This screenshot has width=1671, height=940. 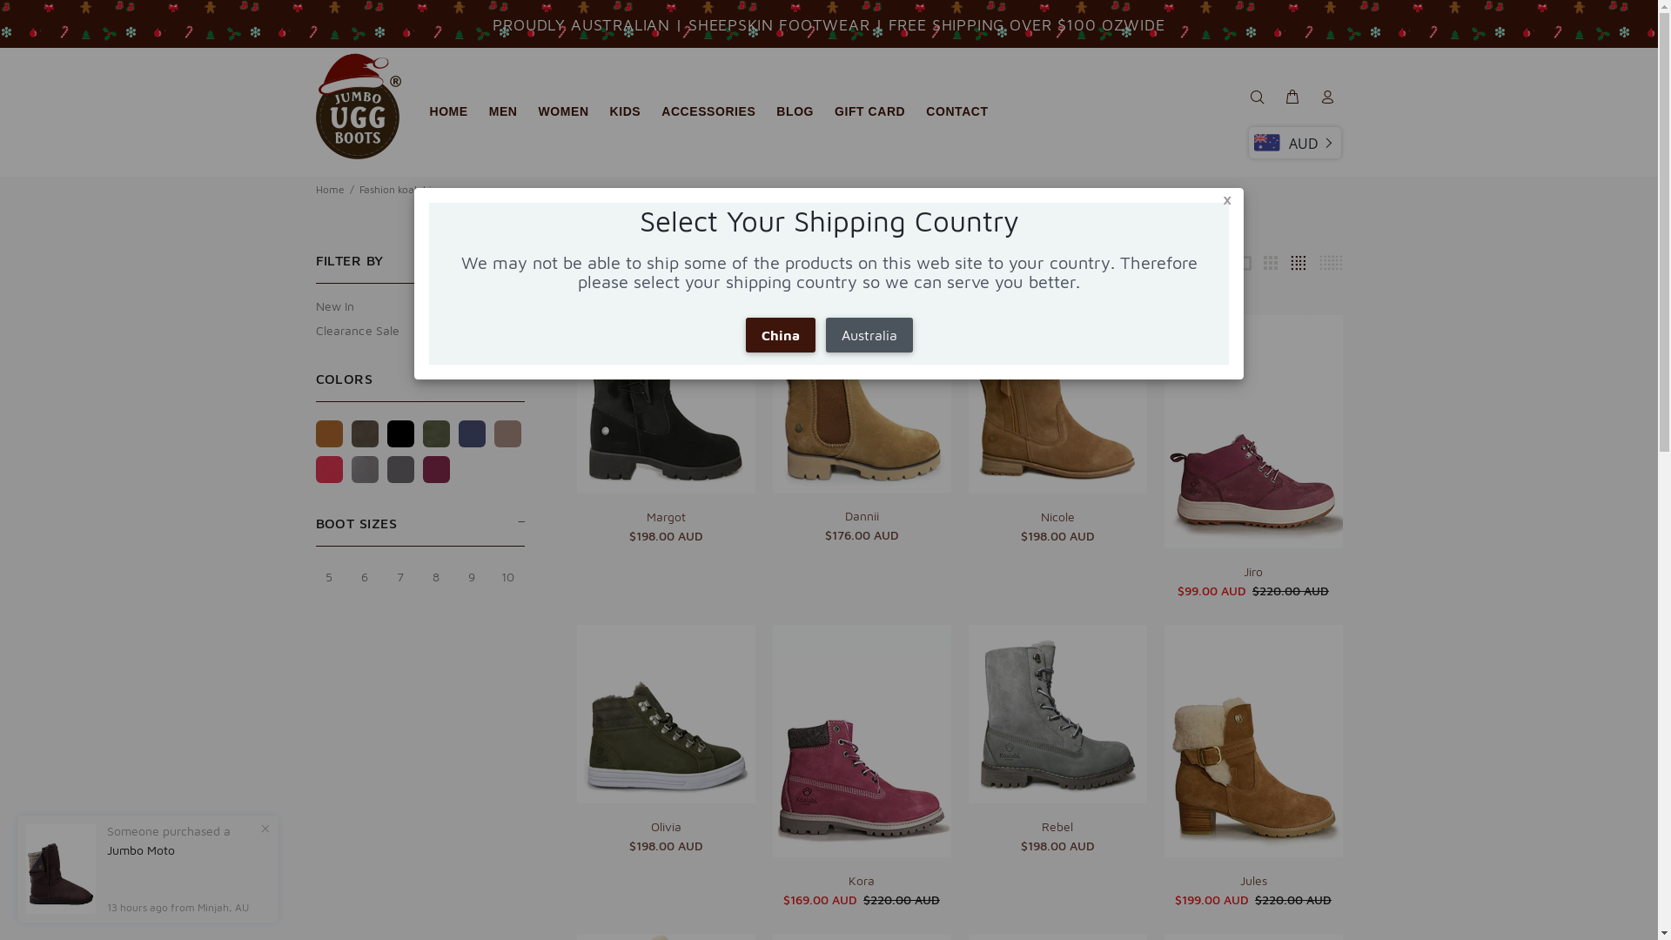 I want to click on 'Home', so click(x=314, y=189).